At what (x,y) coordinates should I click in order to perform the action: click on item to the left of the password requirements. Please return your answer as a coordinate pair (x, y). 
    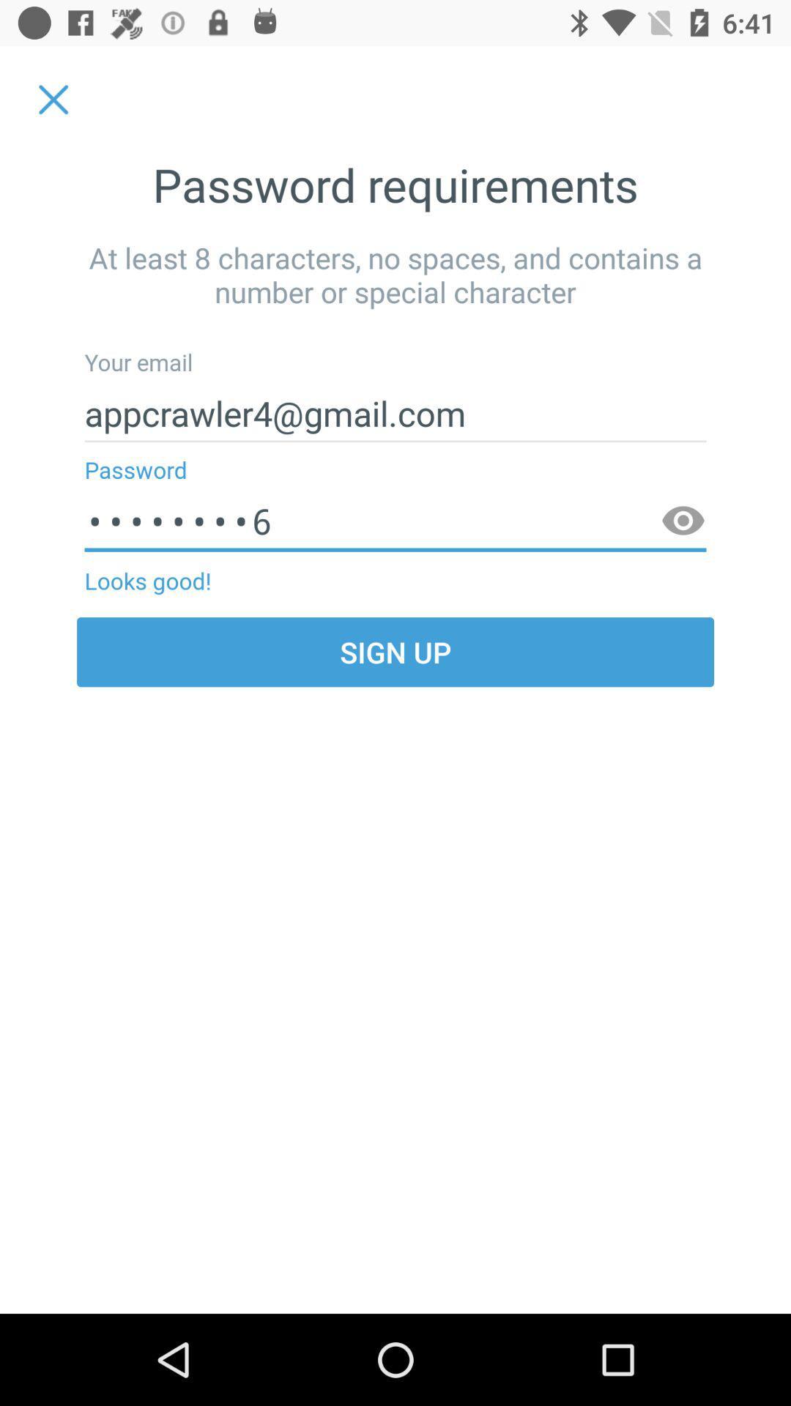
    Looking at the image, I should click on (53, 99).